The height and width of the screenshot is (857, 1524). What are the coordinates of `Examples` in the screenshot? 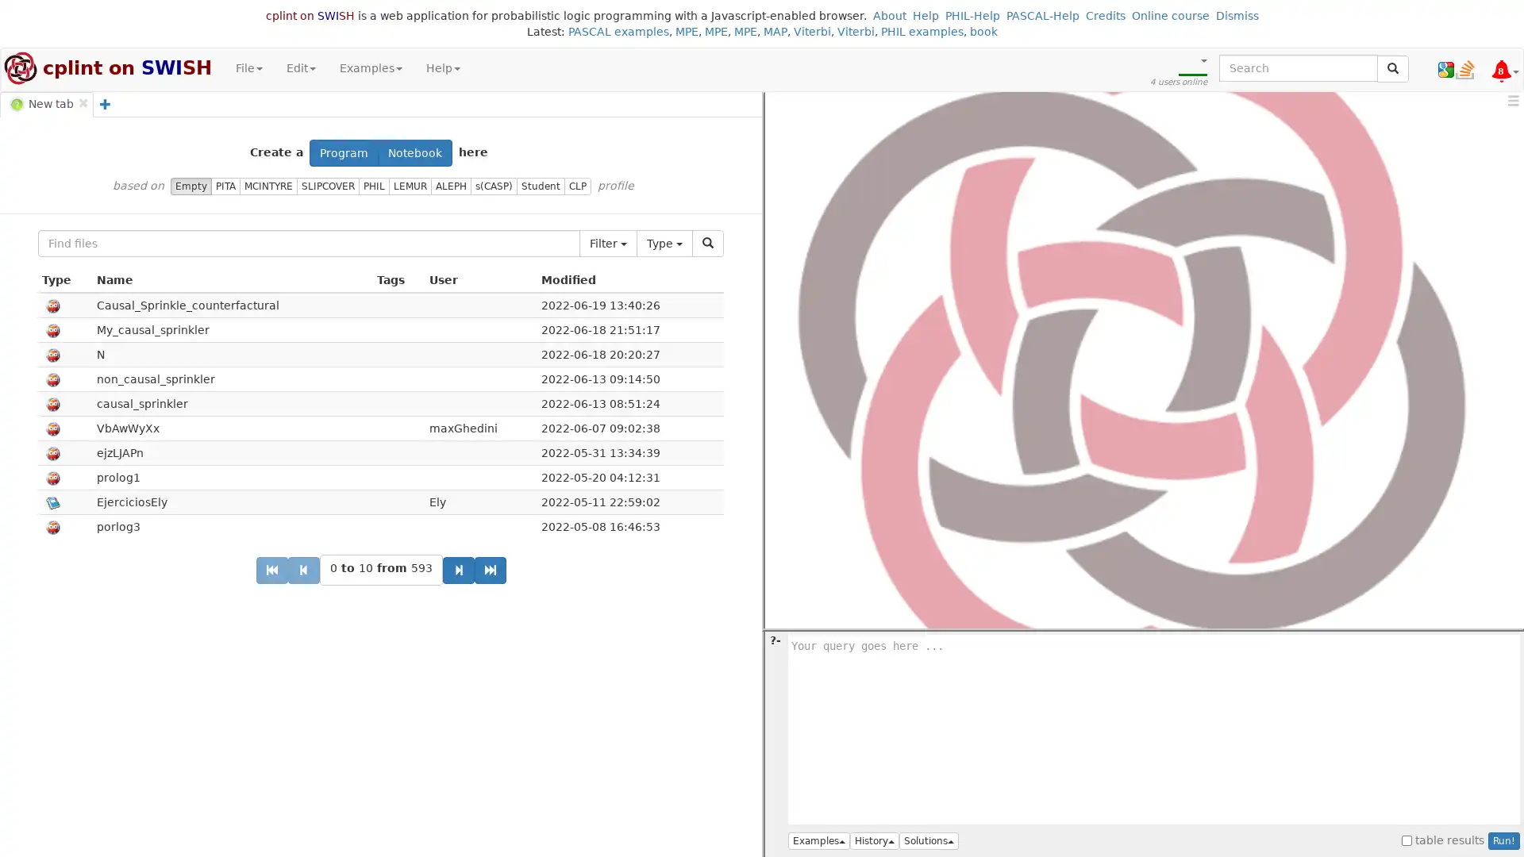 It's located at (819, 840).